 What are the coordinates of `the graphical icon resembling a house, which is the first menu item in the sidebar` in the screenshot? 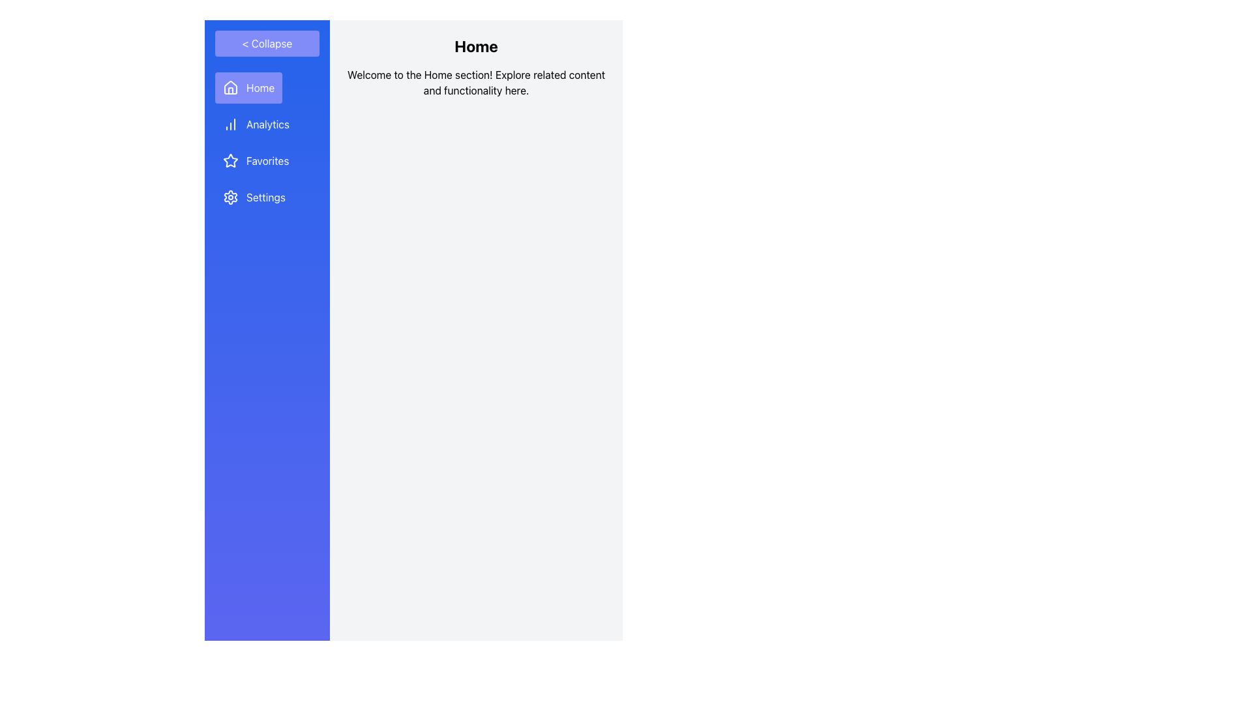 It's located at (231, 87).